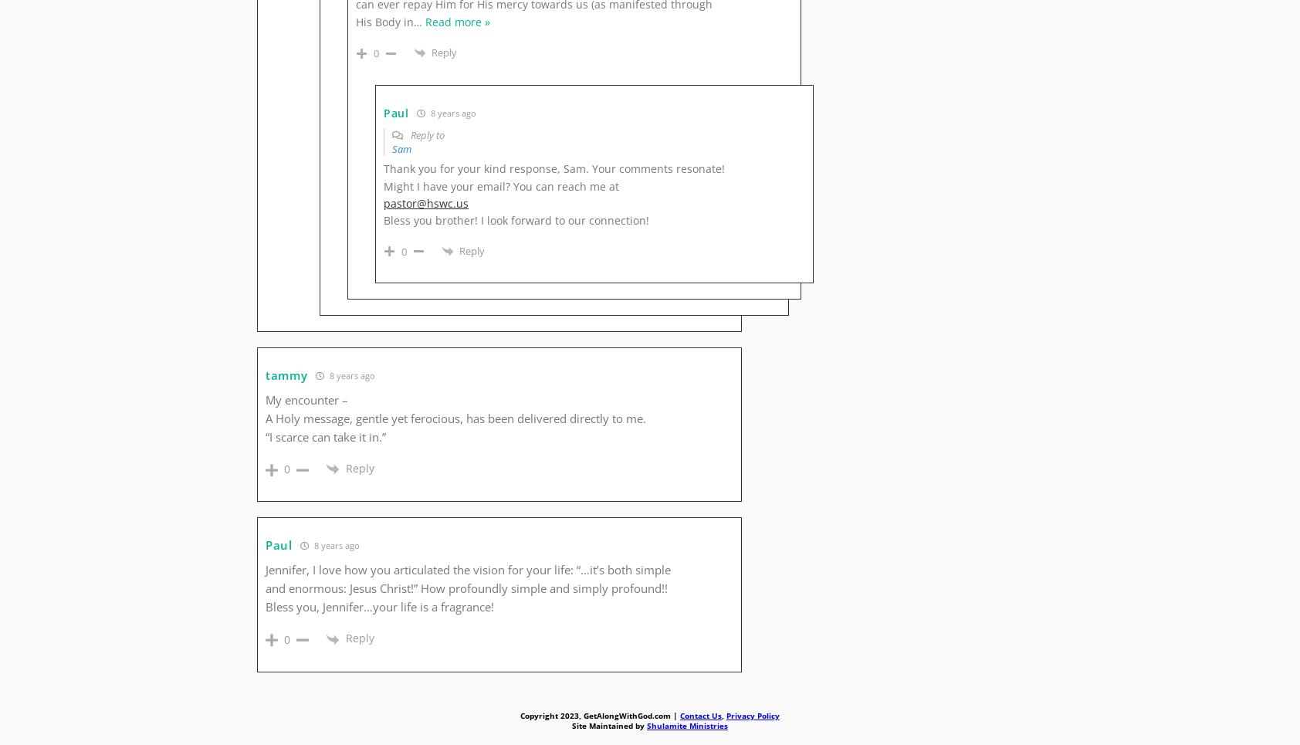 This screenshot has height=745, width=1300. I want to click on 'Jennifer, I love how you articulated the vision for your life: “…it’s both simple and enormous: Jesus Christ!”  How profoundly simple and simply profound!!  Bless you, Jennifer…your life is a fragrance!', so click(467, 587).